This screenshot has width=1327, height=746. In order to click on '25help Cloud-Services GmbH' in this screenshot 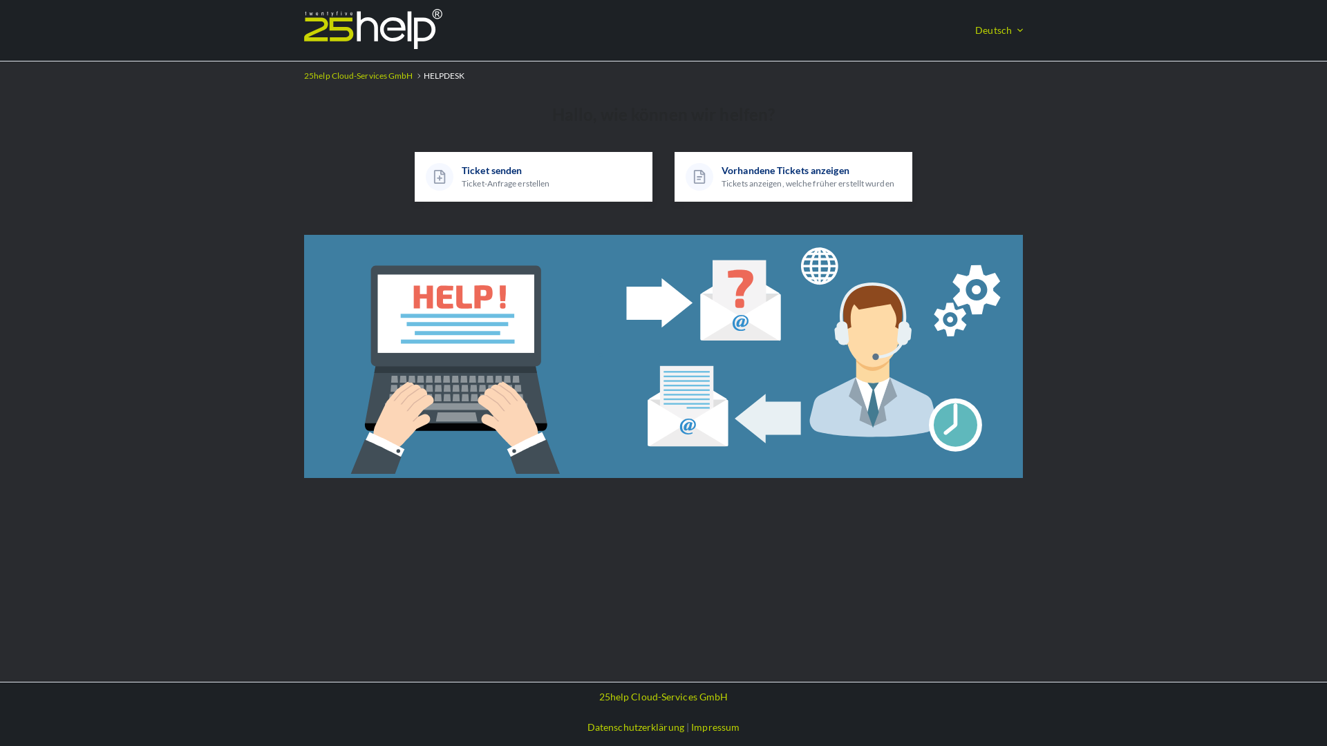, I will do `click(663, 697)`.